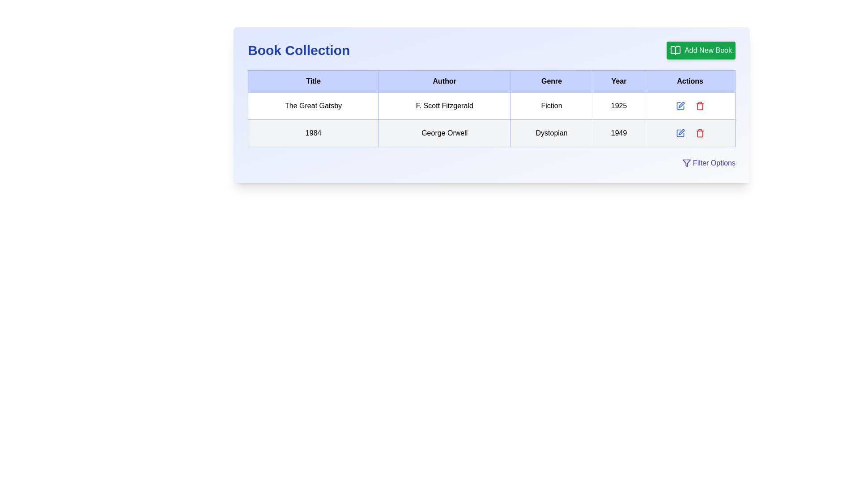  What do you see at coordinates (681, 132) in the screenshot?
I see `the leftmost edit icon in the 'Actions' column for the row associated with the book '1984'` at bounding box center [681, 132].